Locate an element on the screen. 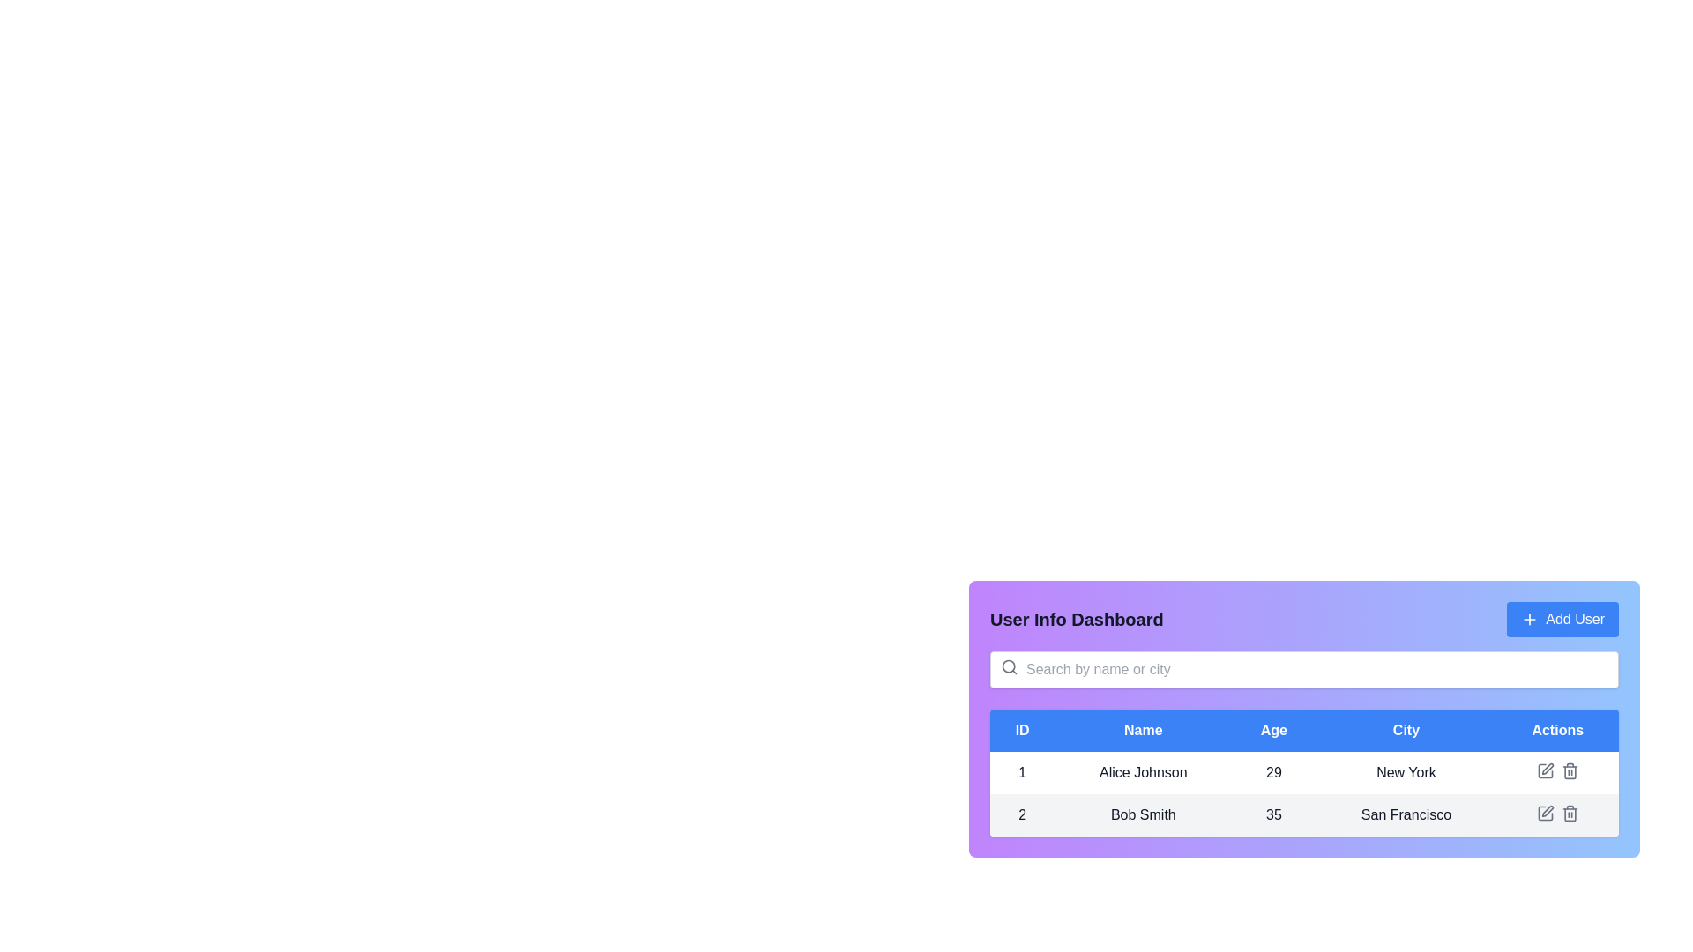 This screenshot has height=952, width=1693. the Trash Can icon in the Actions column for 'Bob Smith' is located at coordinates (1570, 814).